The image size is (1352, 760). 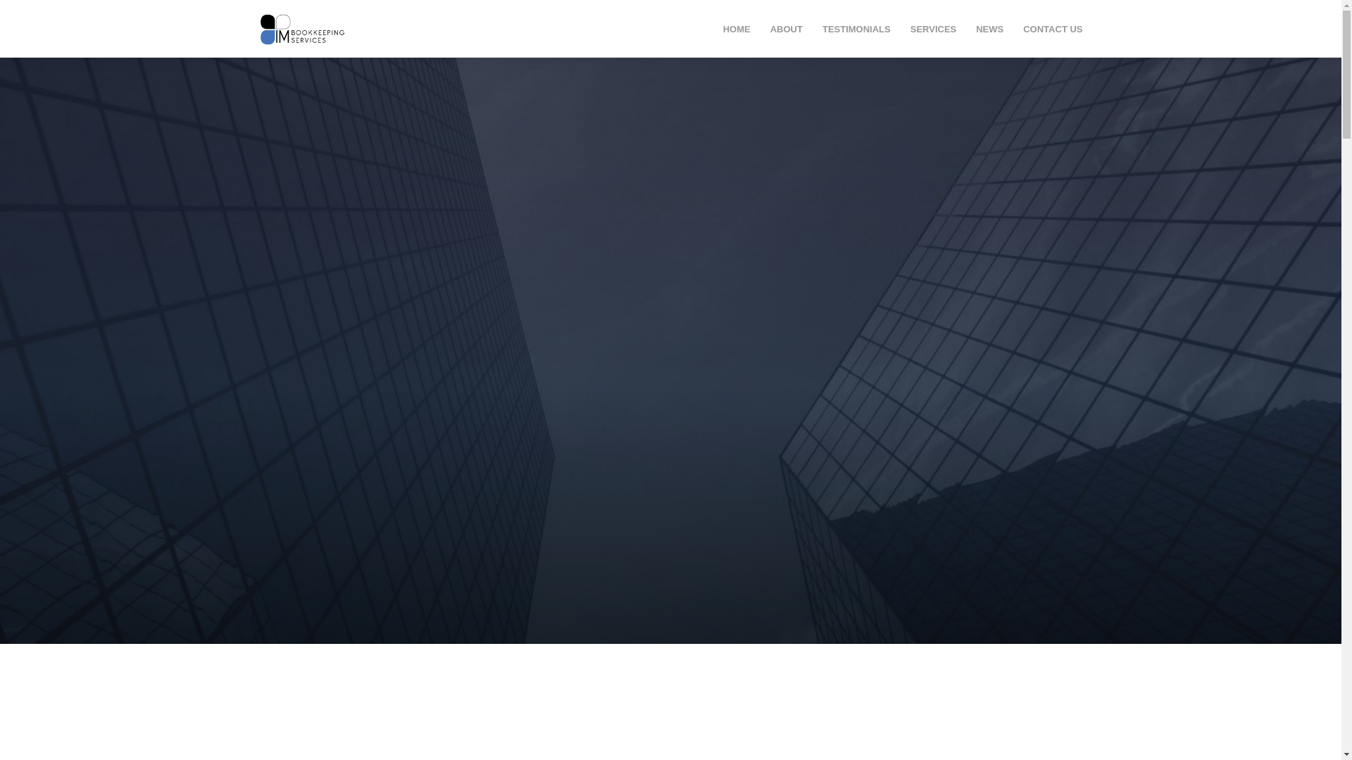 What do you see at coordinates (933, 29) in the screenshot?
I see `'SERVICES'` at bounding box center [933, 29].